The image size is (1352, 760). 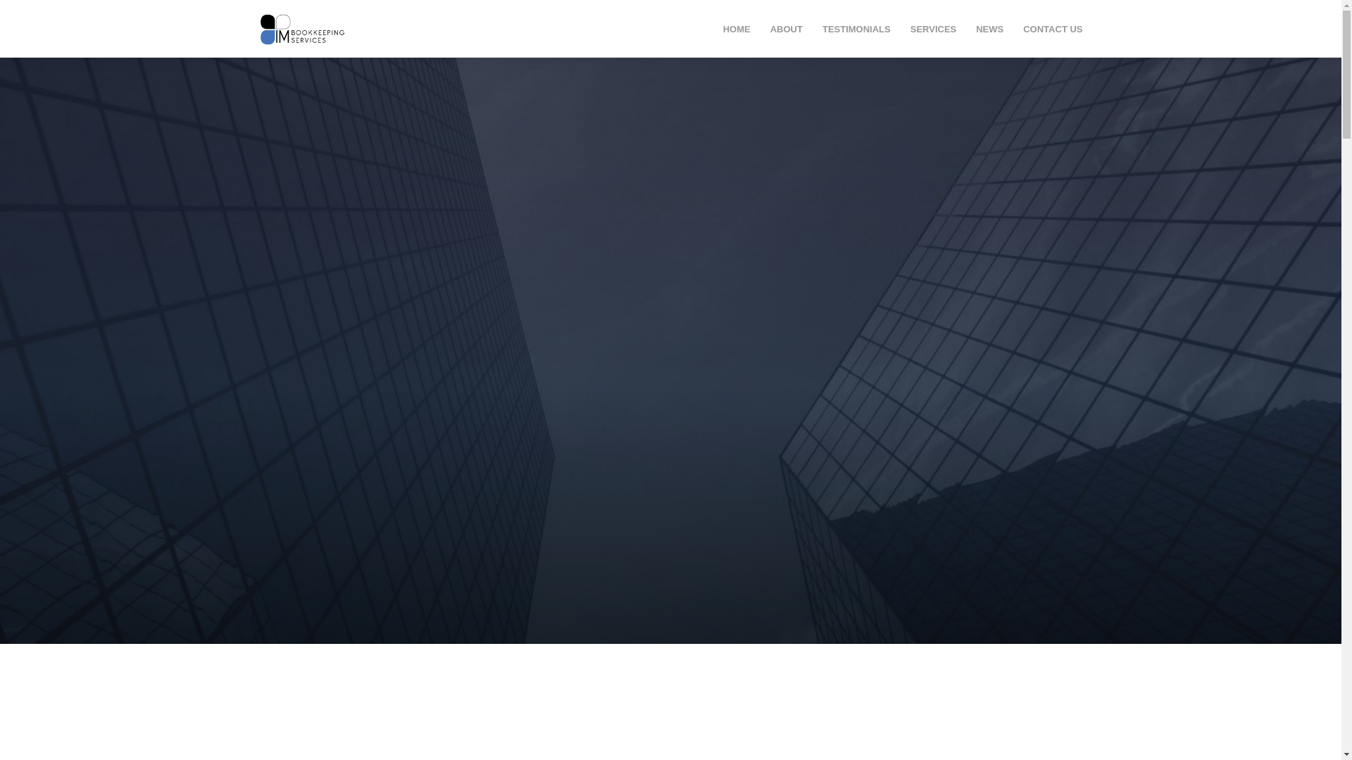 What do you see at coordinates (933, 29) in the screenshot?
I see `'SERVICES'` at bounding box center [933, 29].